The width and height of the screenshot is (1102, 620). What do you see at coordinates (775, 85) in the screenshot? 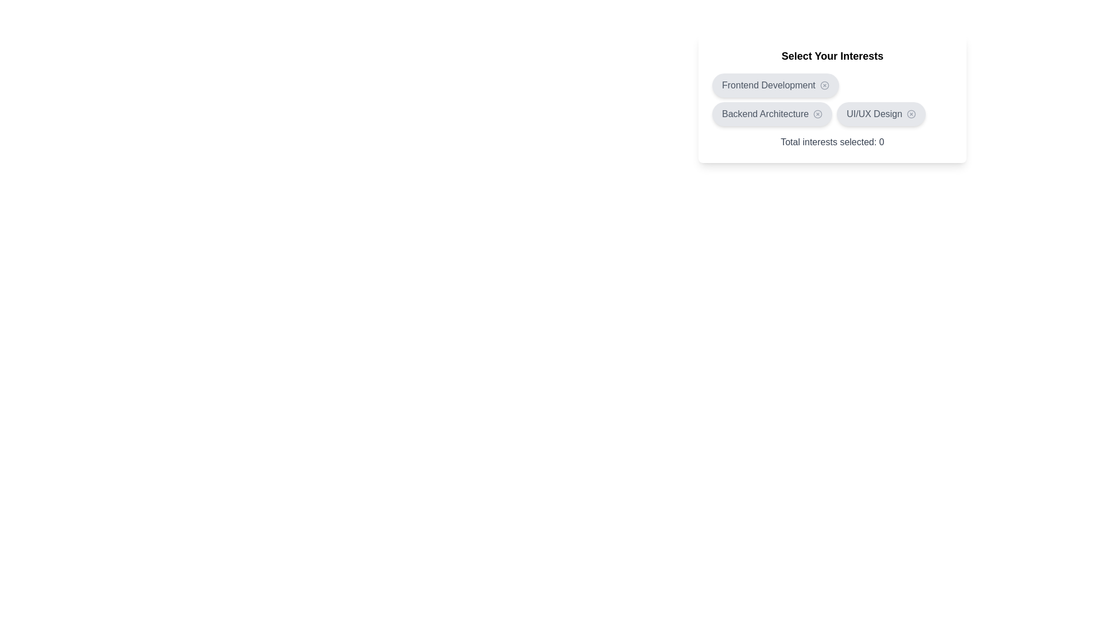
I see `the 'X' button on the 'Frontend Development' tag` at bounding box center [775, 85].